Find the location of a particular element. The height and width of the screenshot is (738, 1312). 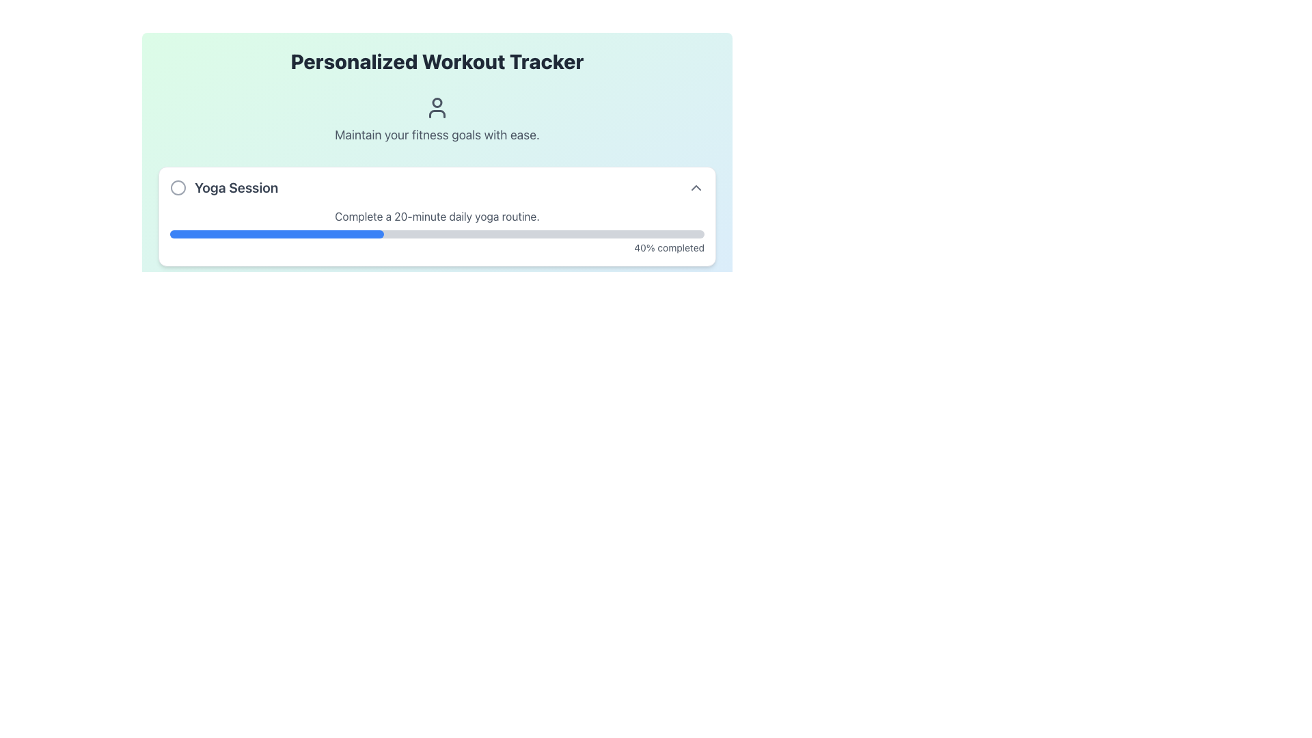

the progress indicator displaying the completion of a 20-minute daily yoga routine, which shows '40% completed' beneath the horizontal progress bar is located at coordinates (436, 231).